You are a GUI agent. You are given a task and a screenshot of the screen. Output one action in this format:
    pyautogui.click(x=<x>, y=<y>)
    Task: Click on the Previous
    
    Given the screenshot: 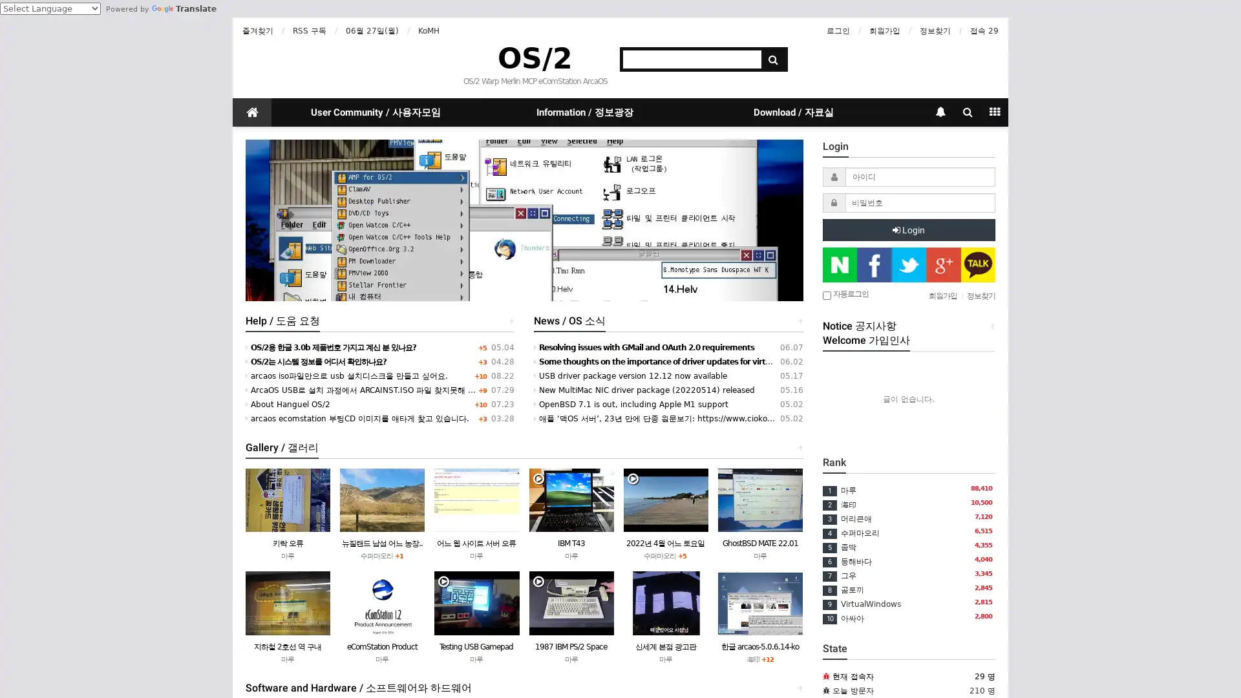 What is the action you would take?
    pyautogui.click(x=286, y=219)
    